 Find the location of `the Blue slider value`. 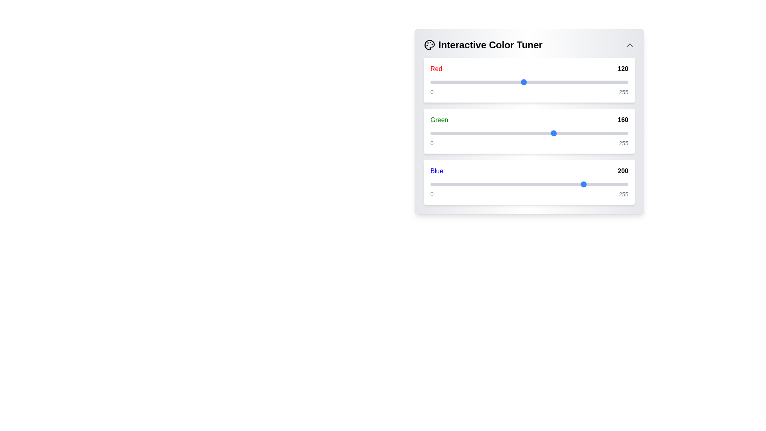

the Blue slider value is located at coordinates (478, 184).